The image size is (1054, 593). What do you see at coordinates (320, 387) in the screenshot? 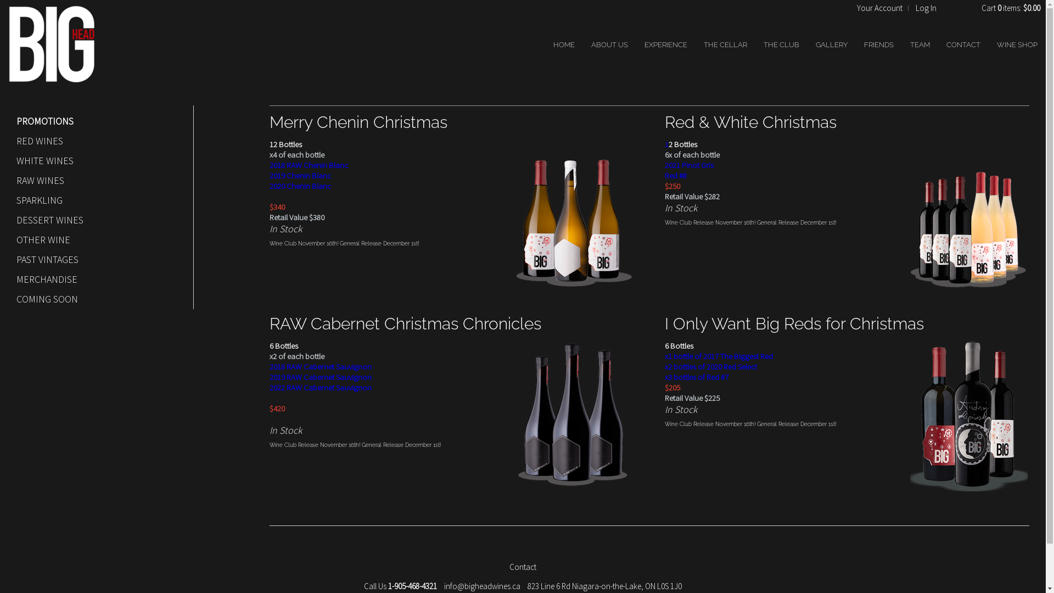
I see `'2022 RAW Cabernet Sauvignon'` at bounding box center [320, 387].